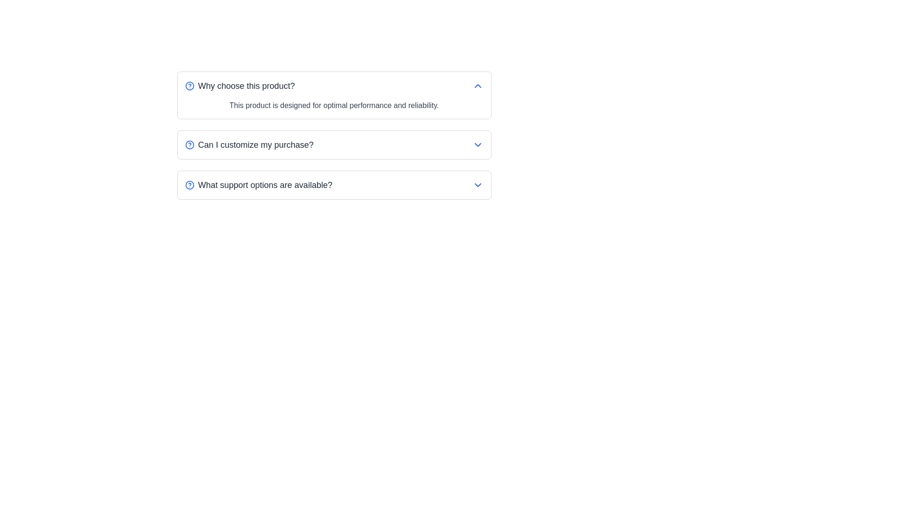  What do you see at coordinates (334, 135) in the screenshot?
I see `to interact with the Collapsible FAQ Item related to the question 'Can I customize my purchase?'` at bounding box center [334, 135].